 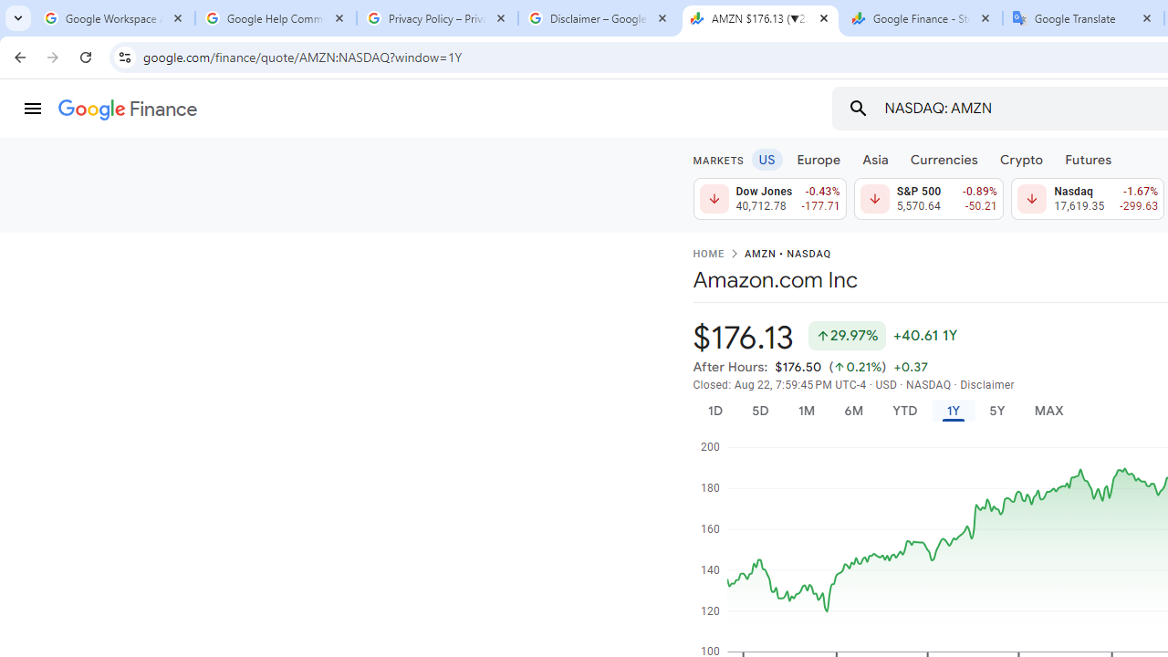 I want to click on '6M', so click(x=852, y=411).